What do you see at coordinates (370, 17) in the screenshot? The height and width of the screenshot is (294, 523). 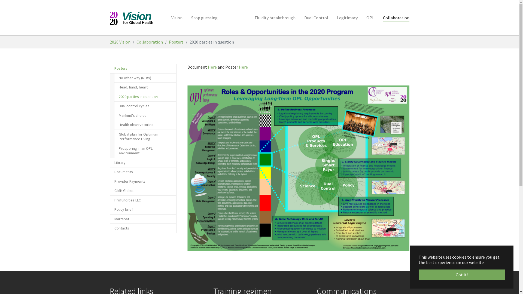 I see `'OPL'` at bounding box center [370, 17].